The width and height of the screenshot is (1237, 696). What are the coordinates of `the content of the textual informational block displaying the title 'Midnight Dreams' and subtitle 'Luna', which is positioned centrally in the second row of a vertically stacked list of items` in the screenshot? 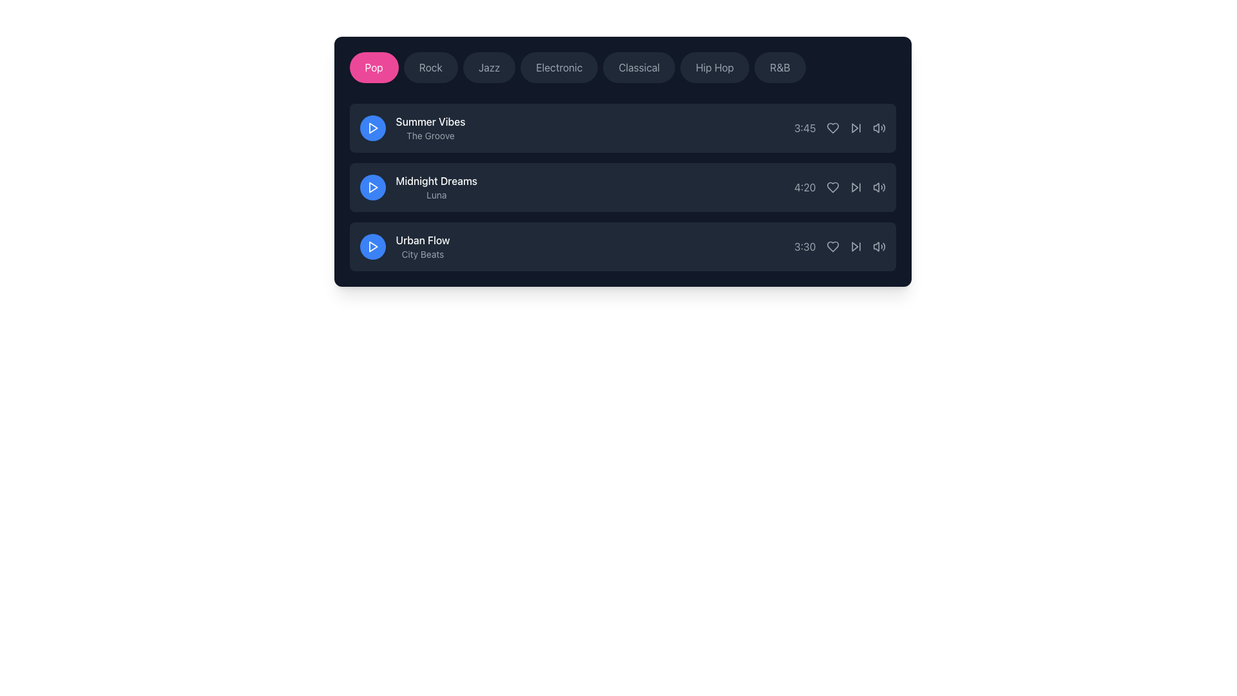 It's located at (418, 187).